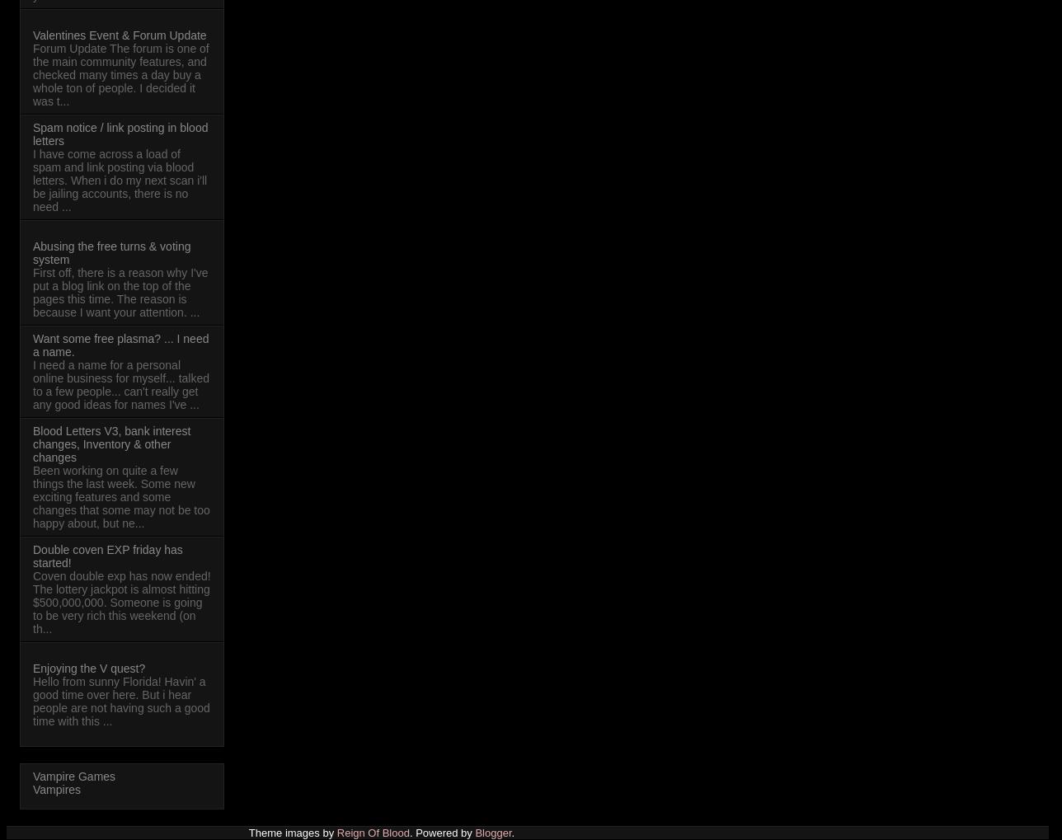  What do you see at coordinates (120, 33) in the screenshot?
I see `'Valentines Event & Forum Update'` at bounding box center [120, 33].